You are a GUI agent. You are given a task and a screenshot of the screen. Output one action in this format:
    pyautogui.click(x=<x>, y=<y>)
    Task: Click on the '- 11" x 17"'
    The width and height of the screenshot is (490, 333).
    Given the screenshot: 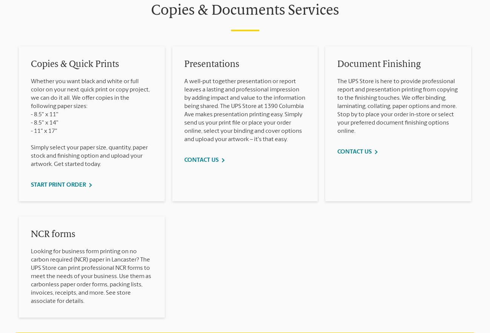 What is the action you would take?
    pyautogui.click(x=31, y=131)
    